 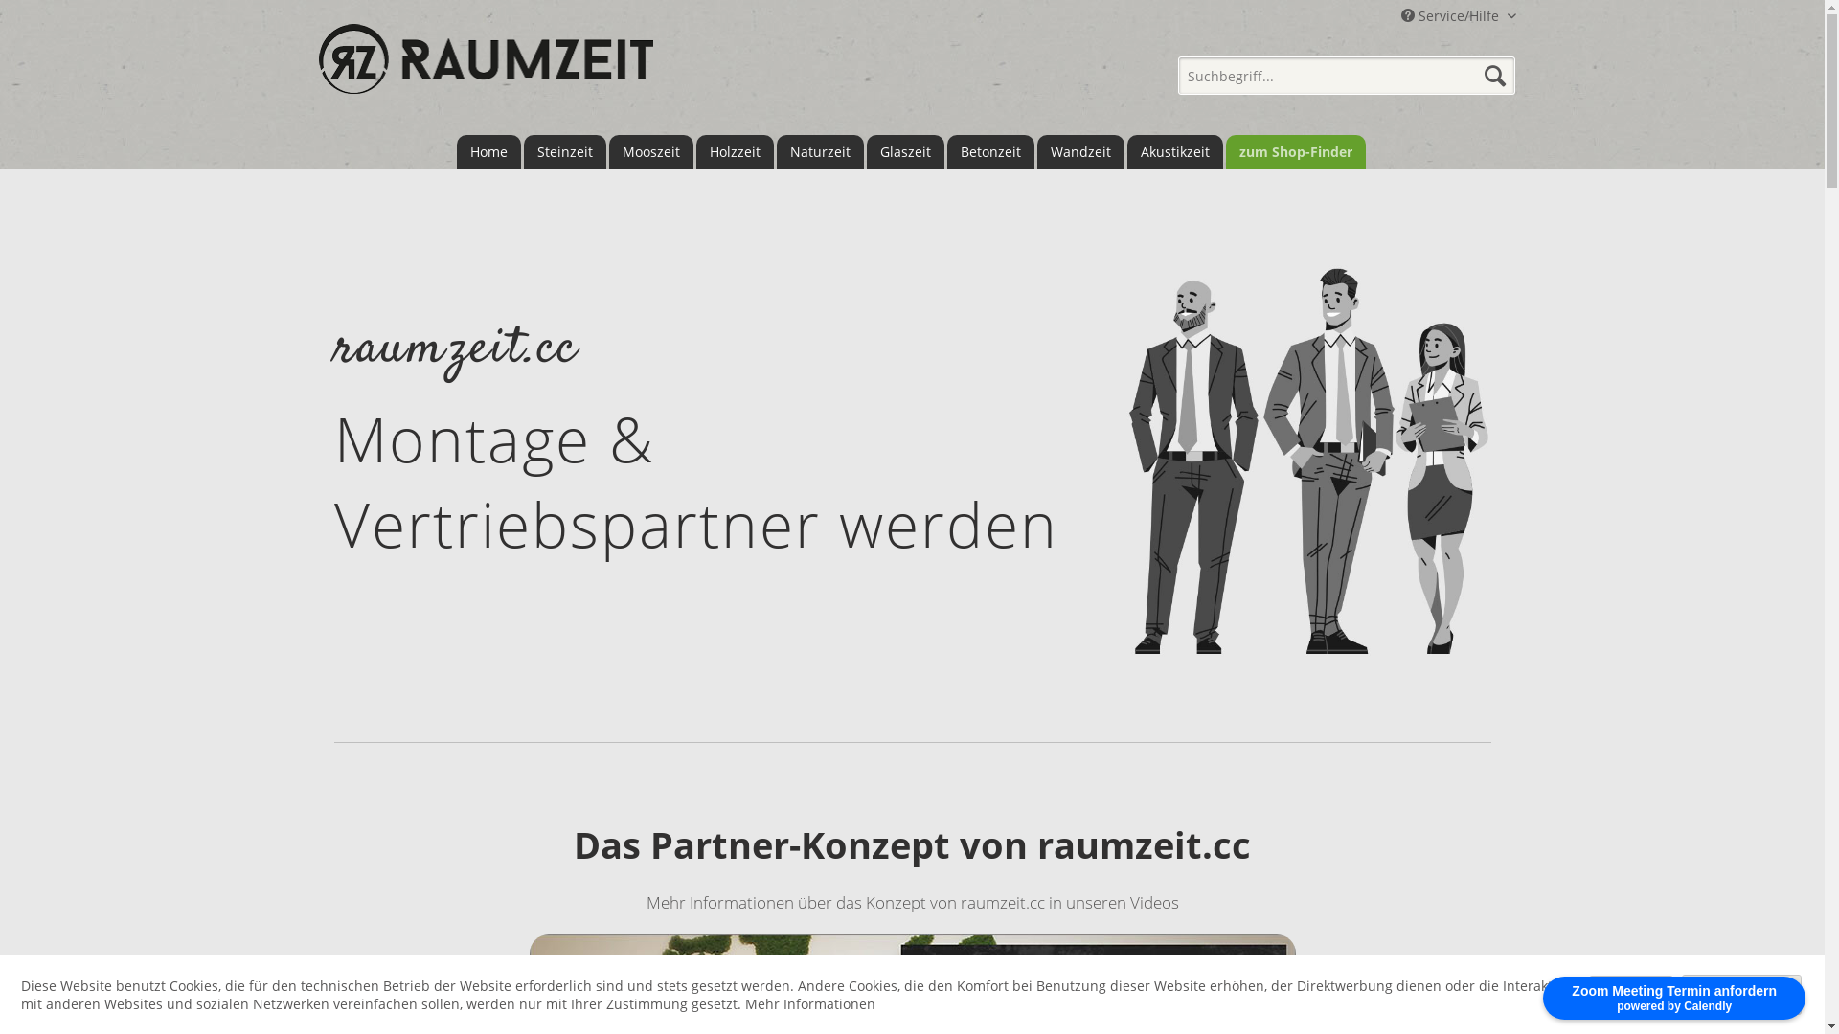 I want to click on 'Wandzeit', so click(x=1034, y=150).